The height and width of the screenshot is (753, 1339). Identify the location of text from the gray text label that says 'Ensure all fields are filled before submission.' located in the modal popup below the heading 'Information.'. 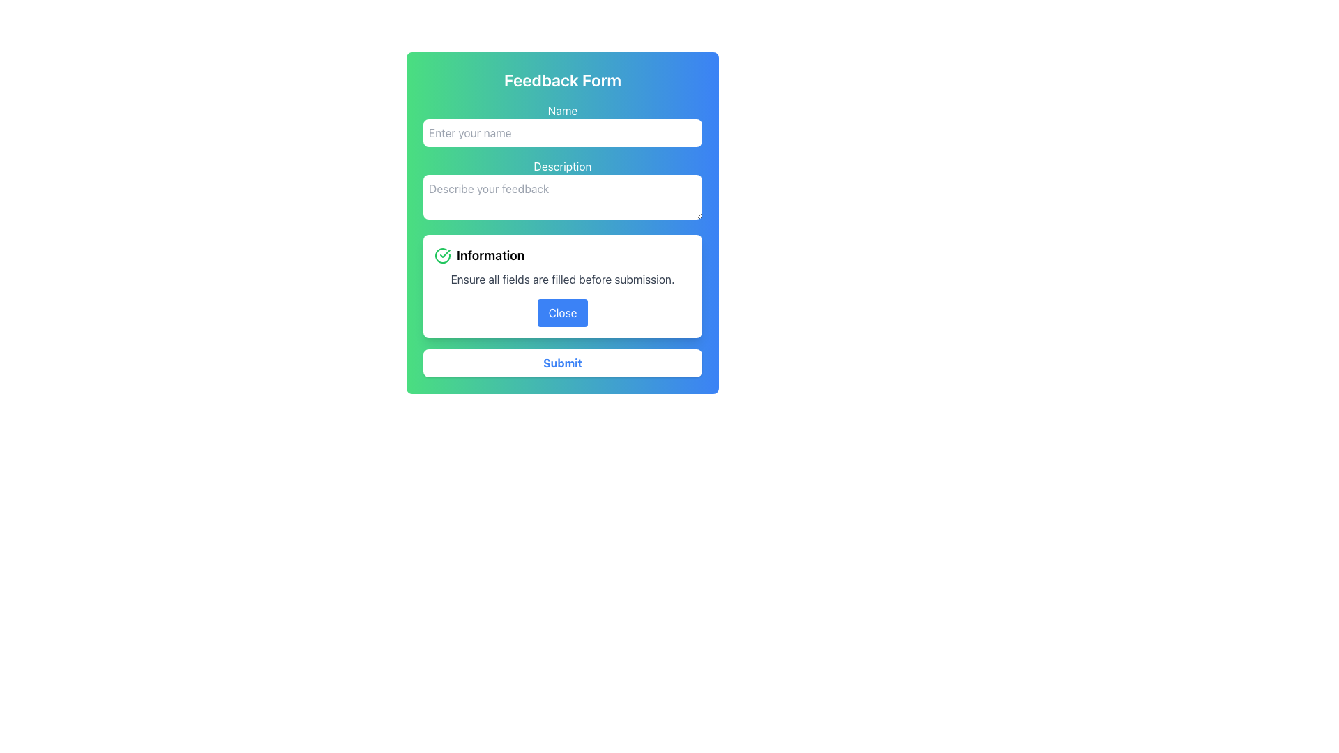
(562, 280).